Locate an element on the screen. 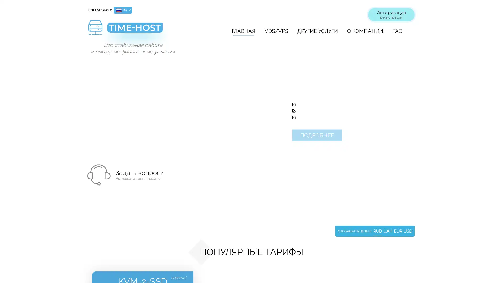  RUB is located at coordinates (378, 231).